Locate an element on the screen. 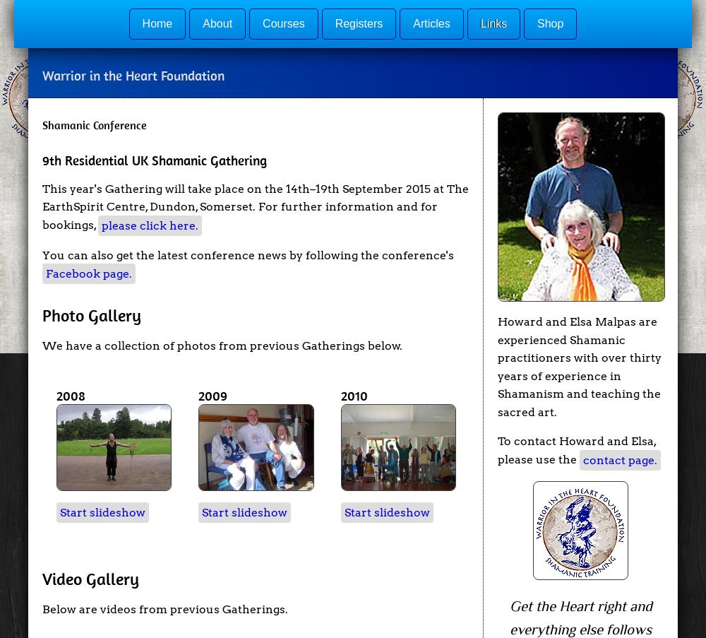 The width and height of the screenshot is (706, 638). 'contact page.' is located at coordinates (620, 459).